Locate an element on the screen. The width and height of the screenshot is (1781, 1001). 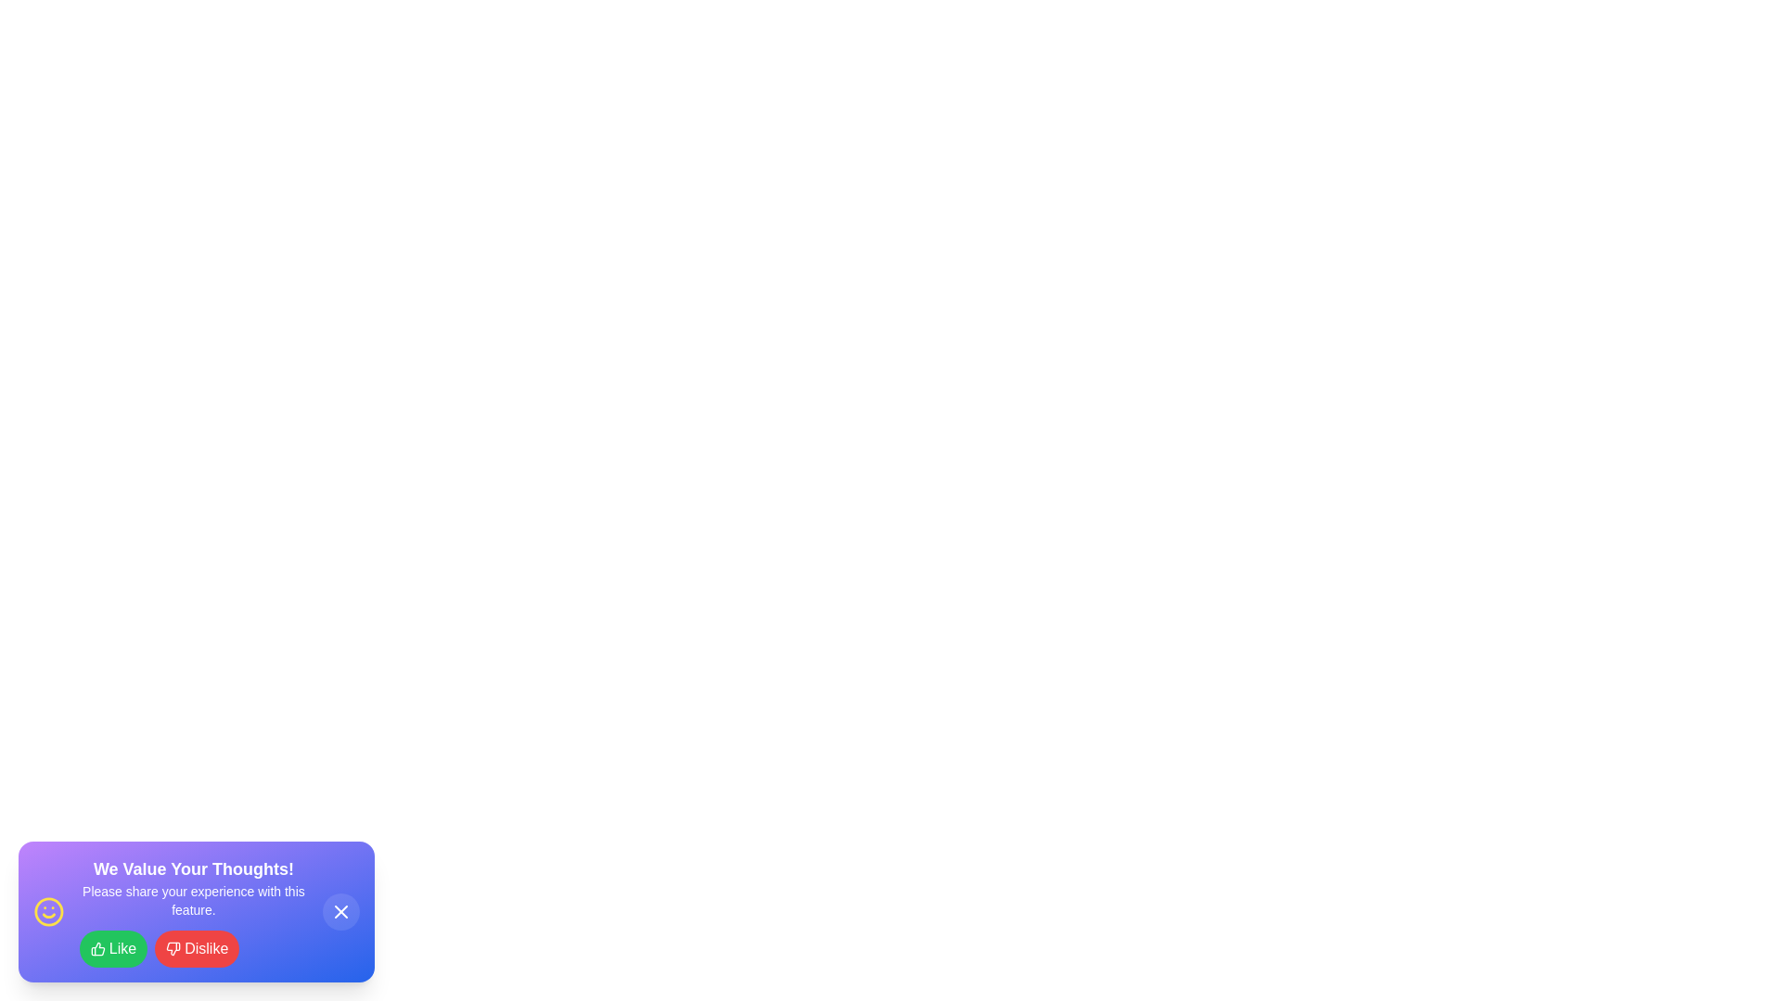
'Dislike' button to provide negative feedback is located at coordinates (196, 948).